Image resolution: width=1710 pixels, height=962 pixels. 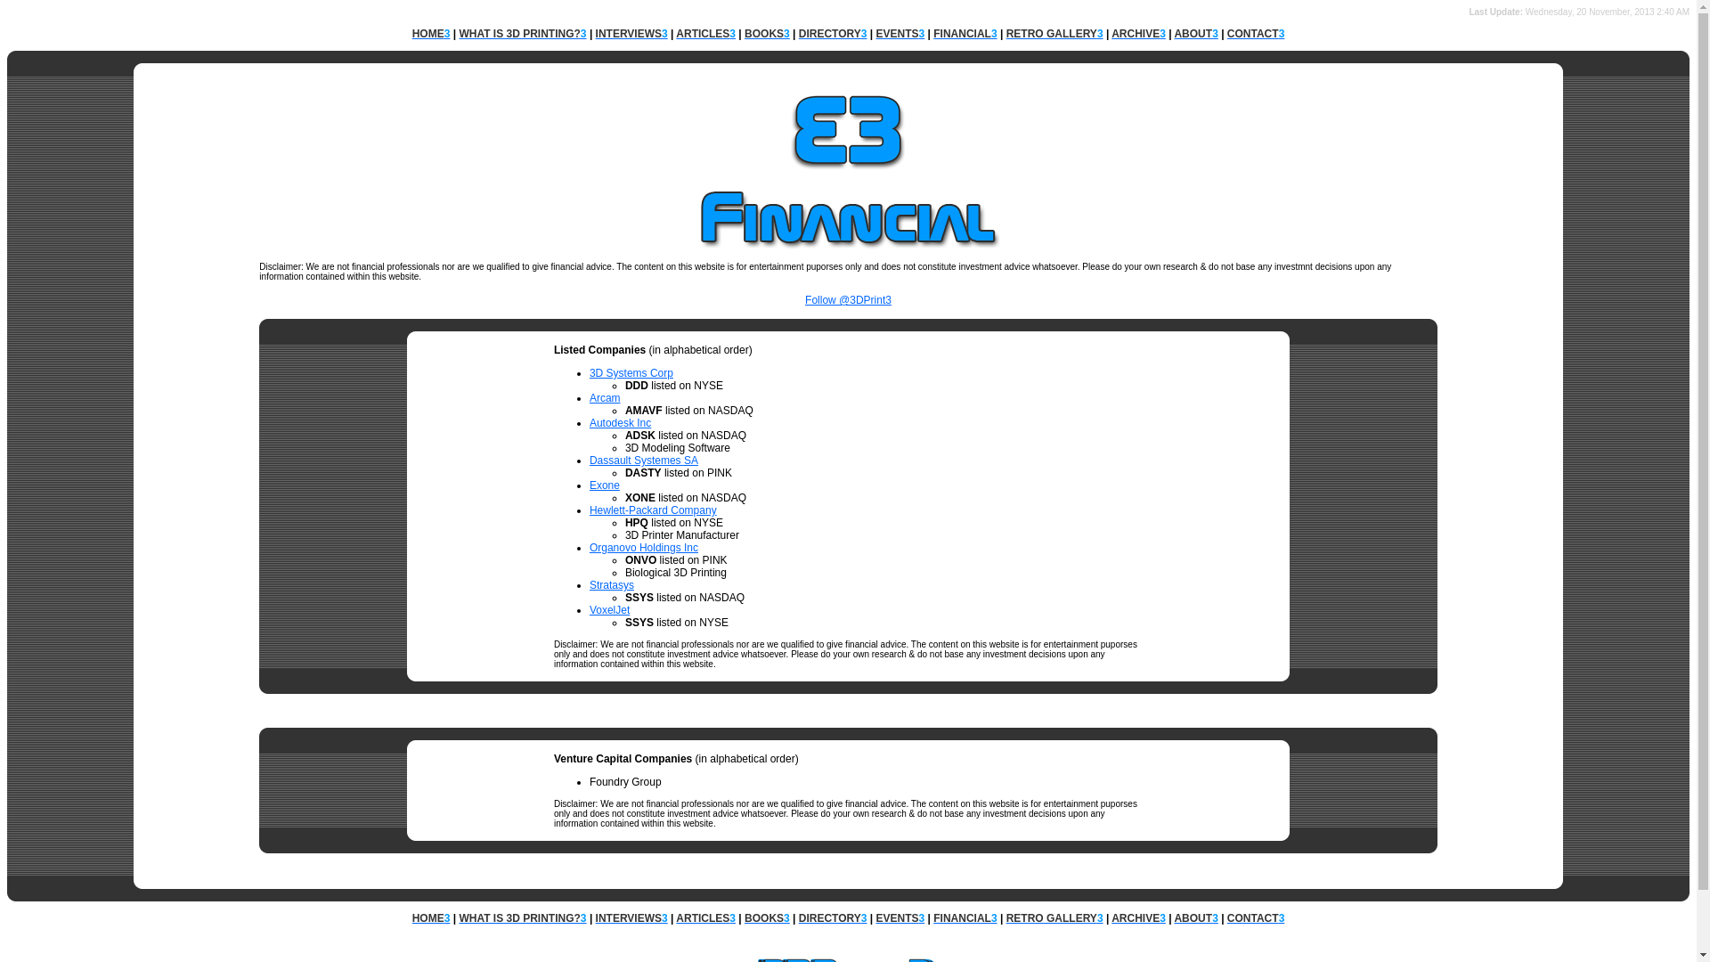 What do you see at coordinates (431, 917) in the screenshot?
I see `'HOME3'` at bounding box center [431, 917].